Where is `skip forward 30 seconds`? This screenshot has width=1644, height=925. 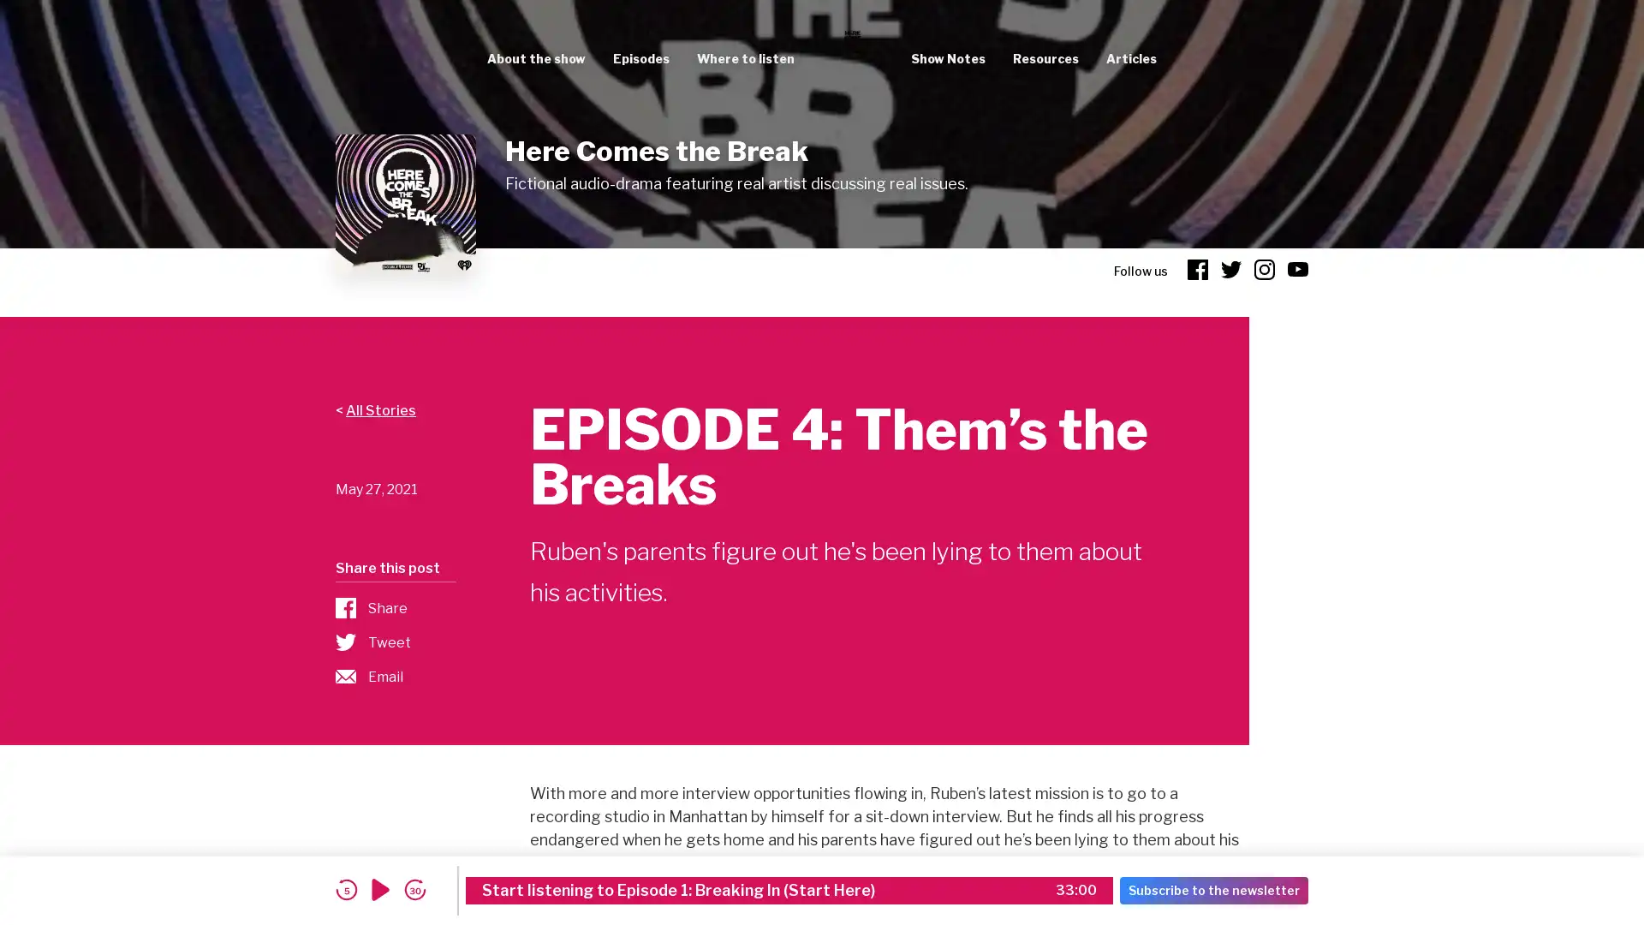 skip forward 30 seconds is located at coordinates (414, 889).